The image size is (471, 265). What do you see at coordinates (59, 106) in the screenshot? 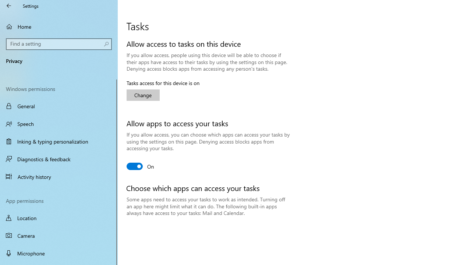
I see `'General'` at bounding box center [59, 106].